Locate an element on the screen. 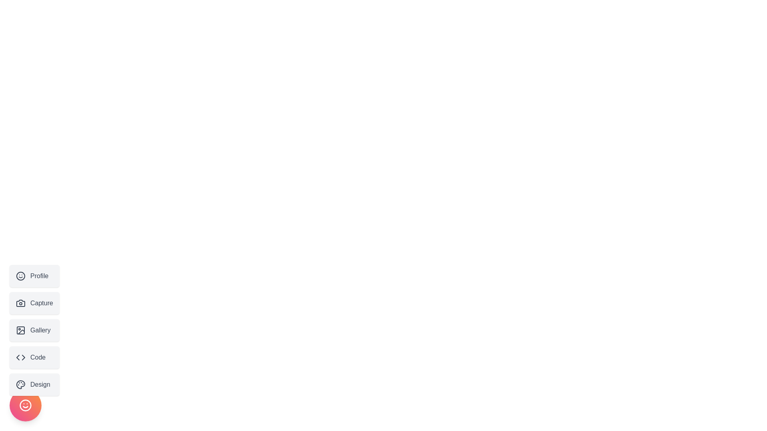  the Text label that describes the 'Capture' button, which is positioned in a vertical menu between the 'Profile' and 'Gallery' buttons is located at coordinates (41, 303).